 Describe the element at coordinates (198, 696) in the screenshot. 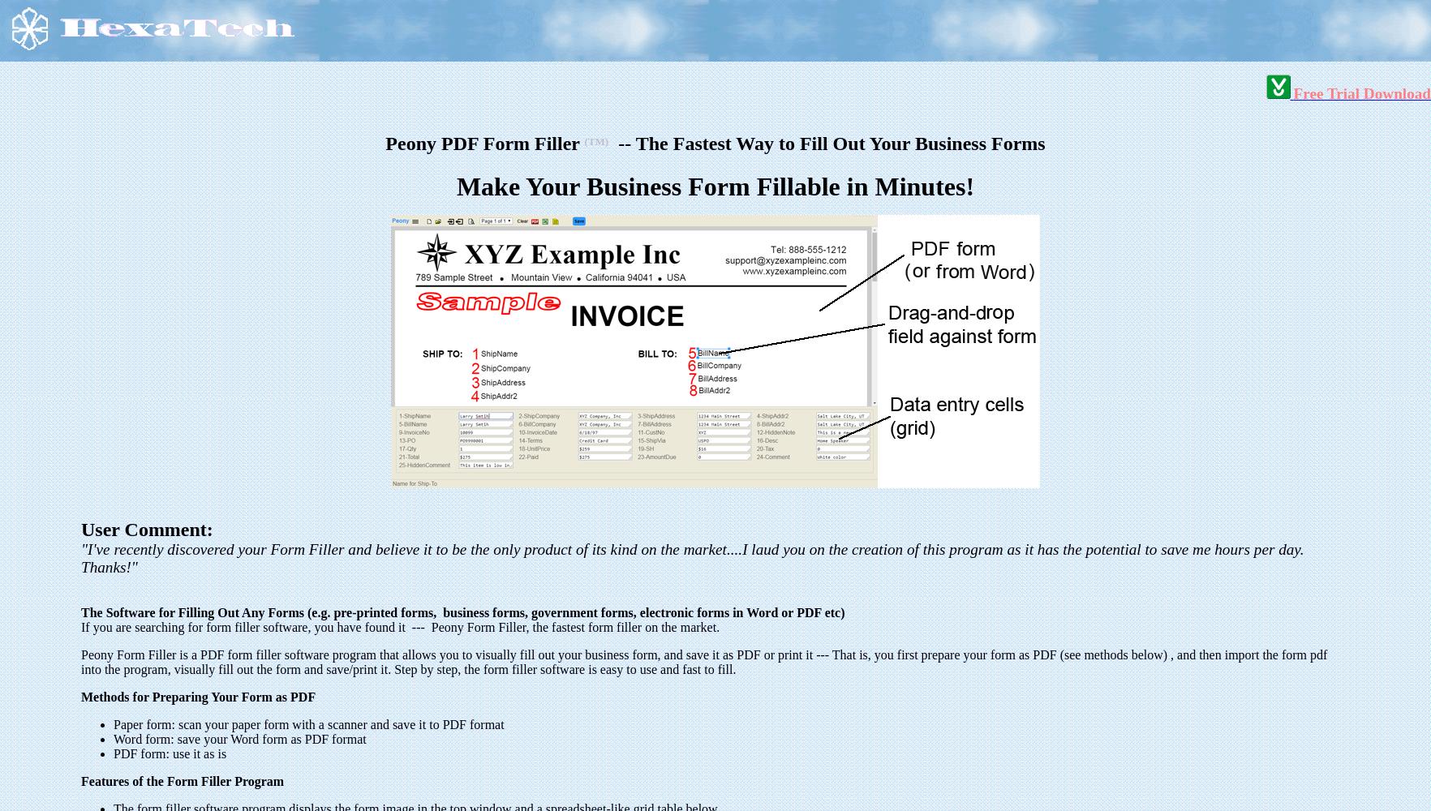

I see `'Methods for Preparing Your Form as PDF'` at that location.